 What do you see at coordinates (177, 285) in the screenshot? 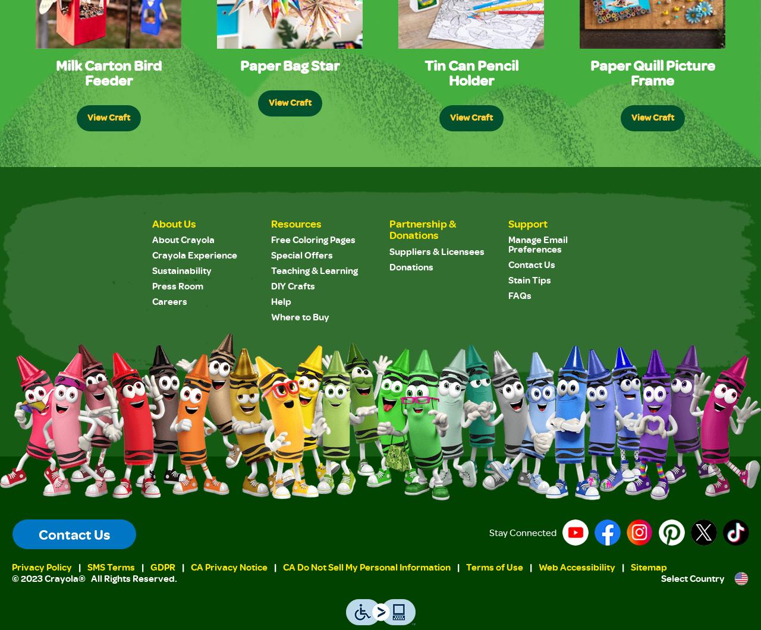
I see `'Press Room'` at bounding box center [177, 285].